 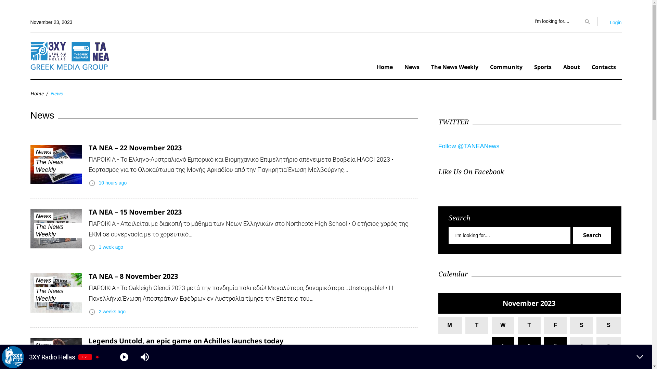 What do you see at coordinates (542, 68) in the screenshot?
I see `'Sports'` at bounding box center [542, 68].